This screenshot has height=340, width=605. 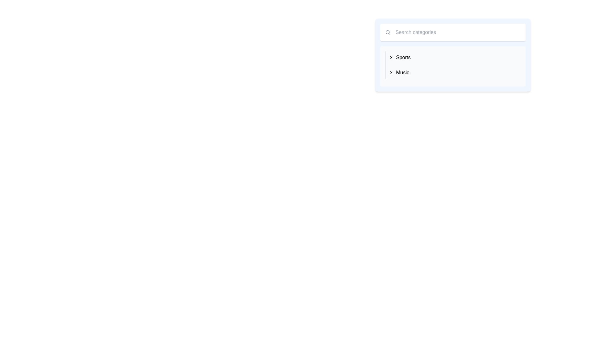 What do you see at coordinates (403, 57) in the screenshot?
I see `on the first text label within the vertical navigation menu that serves as a clickable list item for sports content` at bounding box center [403, 57].